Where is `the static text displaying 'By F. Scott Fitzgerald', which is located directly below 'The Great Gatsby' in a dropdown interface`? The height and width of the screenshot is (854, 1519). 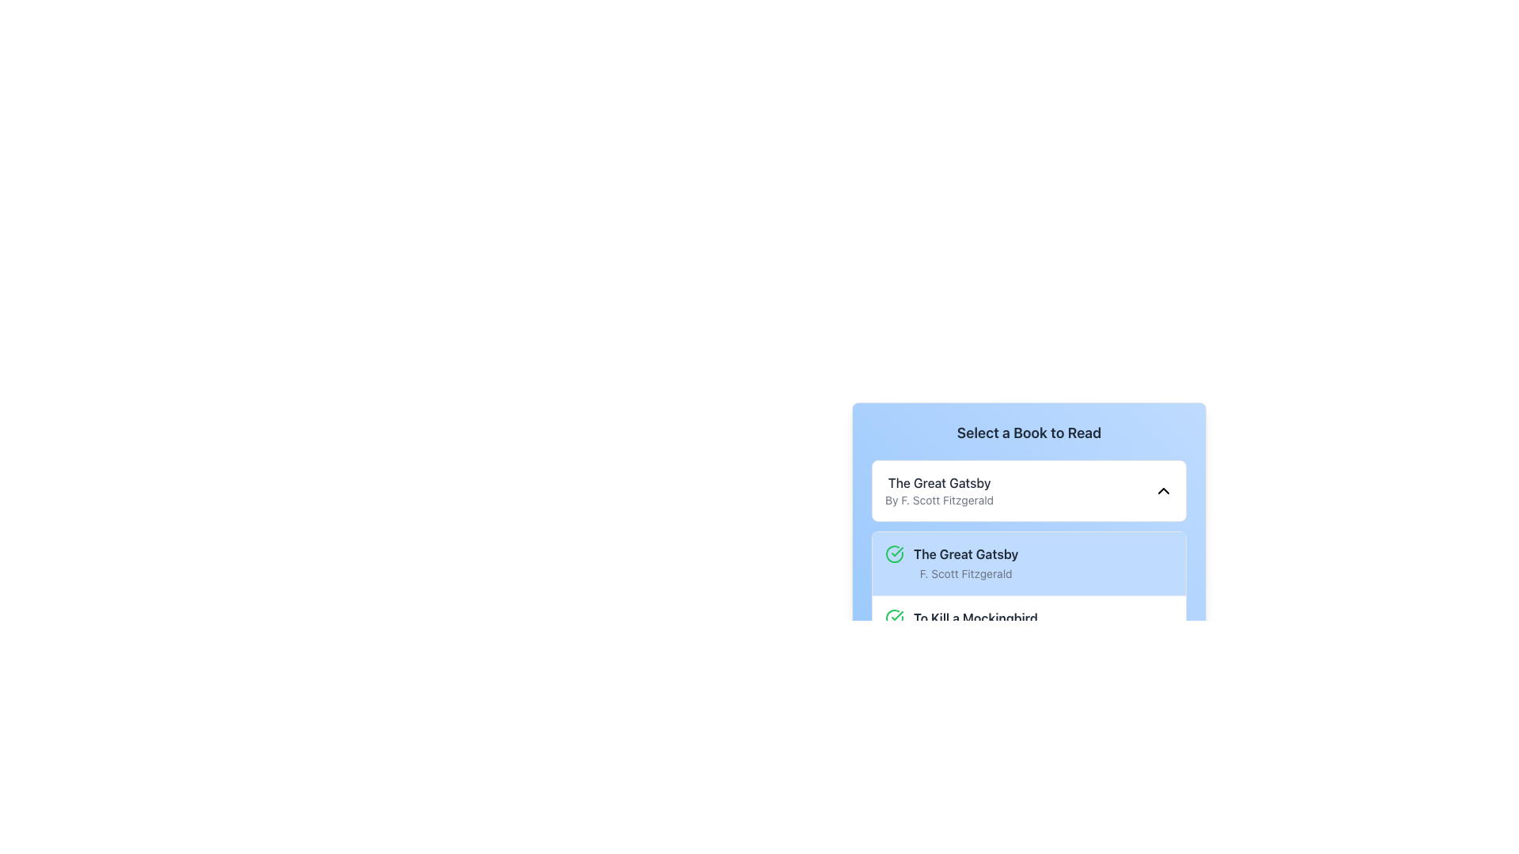
the static text displaying 'By F. Scott Fitzgerald', which is located directly below 'The Great Gatsby' in a dropdown interface is located at coordinates (939, 500).